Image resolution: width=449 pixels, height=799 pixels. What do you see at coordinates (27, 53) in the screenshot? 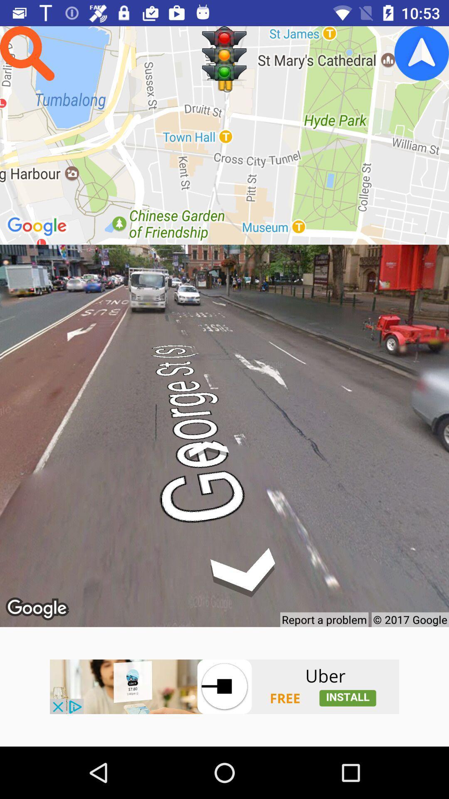
I see `search` at bounding box center [27, 53].